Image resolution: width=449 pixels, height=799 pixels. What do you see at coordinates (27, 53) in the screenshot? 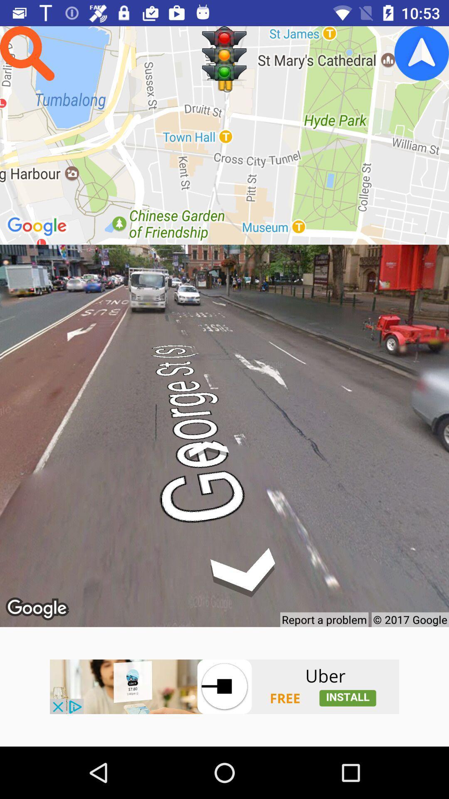
I see `search` at bounding box center [27, 53].